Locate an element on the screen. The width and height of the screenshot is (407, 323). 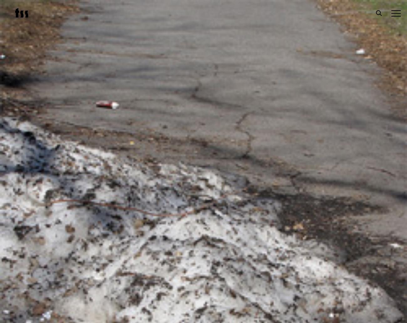
'Subscribe' is located at coordinates (173, 175).